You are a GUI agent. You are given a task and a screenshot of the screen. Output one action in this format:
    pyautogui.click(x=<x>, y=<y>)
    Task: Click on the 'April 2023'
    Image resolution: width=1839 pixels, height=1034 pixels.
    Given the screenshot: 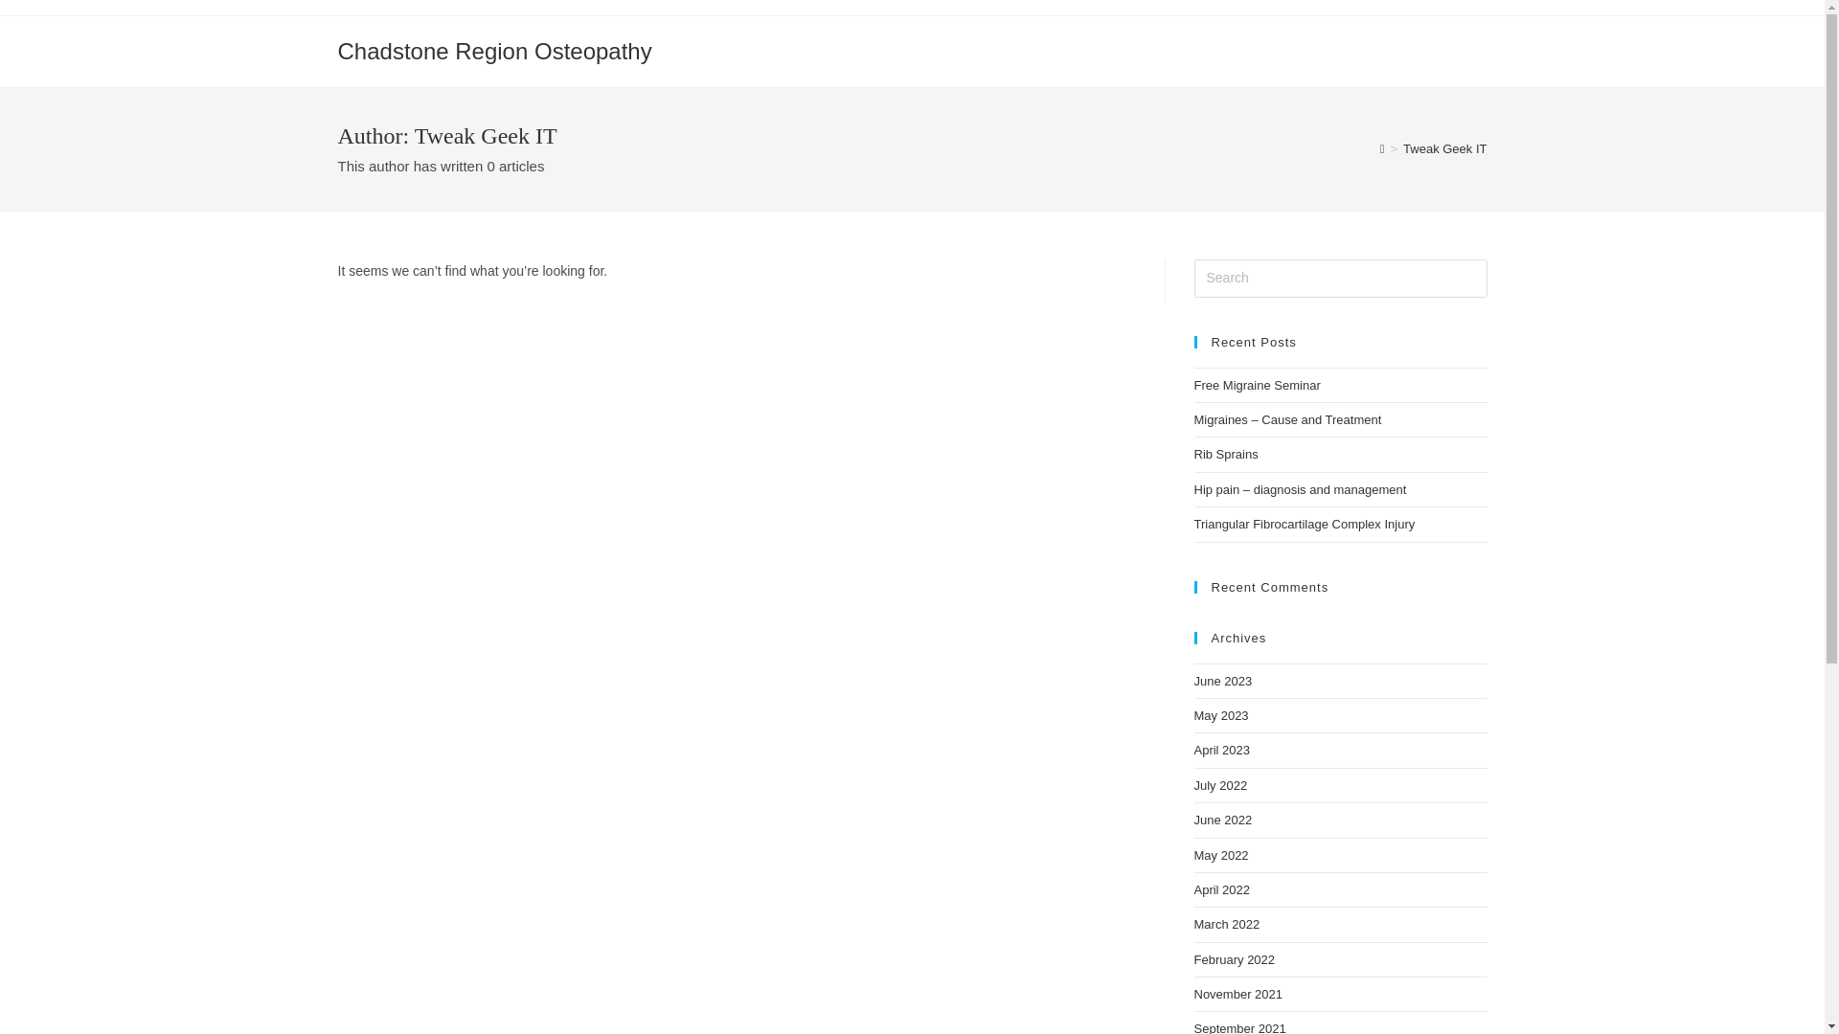 What is the action you would take?
    pyautogui.click(x=1220, y=749)
    